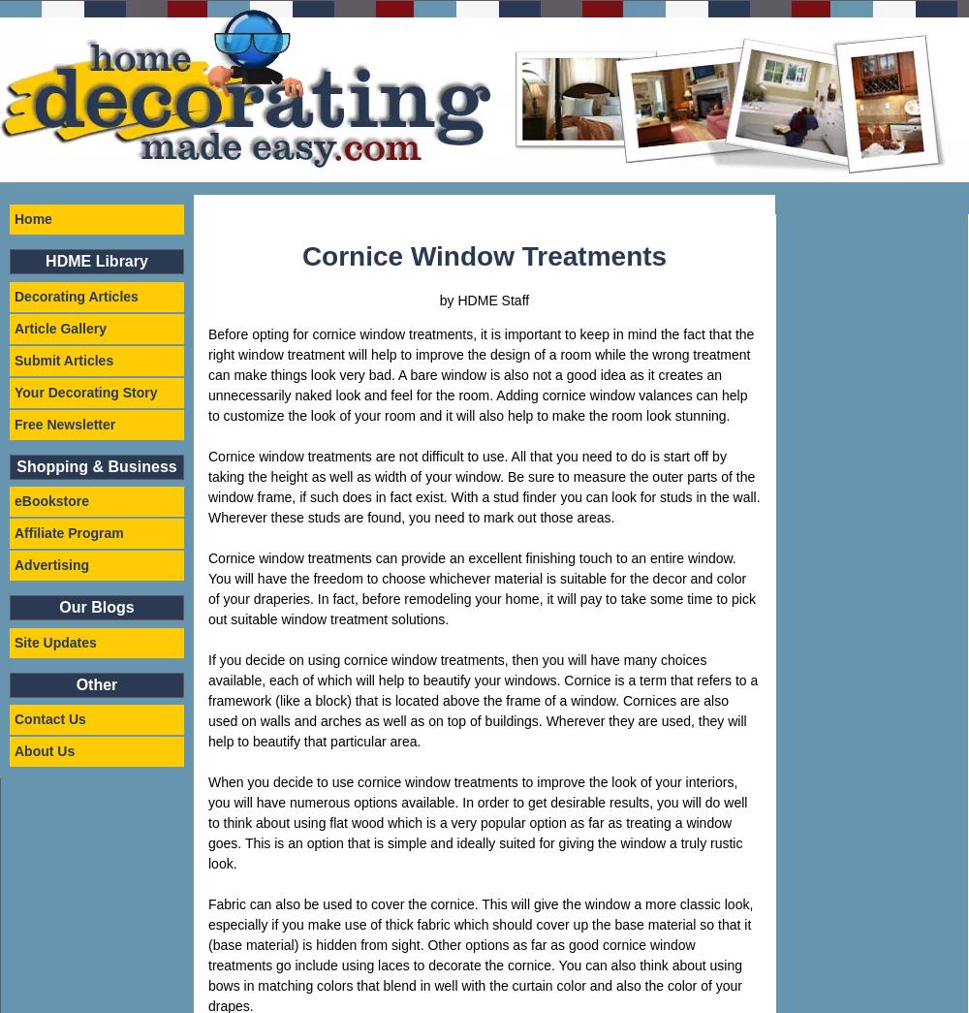 This screenshot has width=969, height=1013. Describe the element at coordinates (483, 255) in the screenshot. I see `'Cornice Window Treatments'` at that location.